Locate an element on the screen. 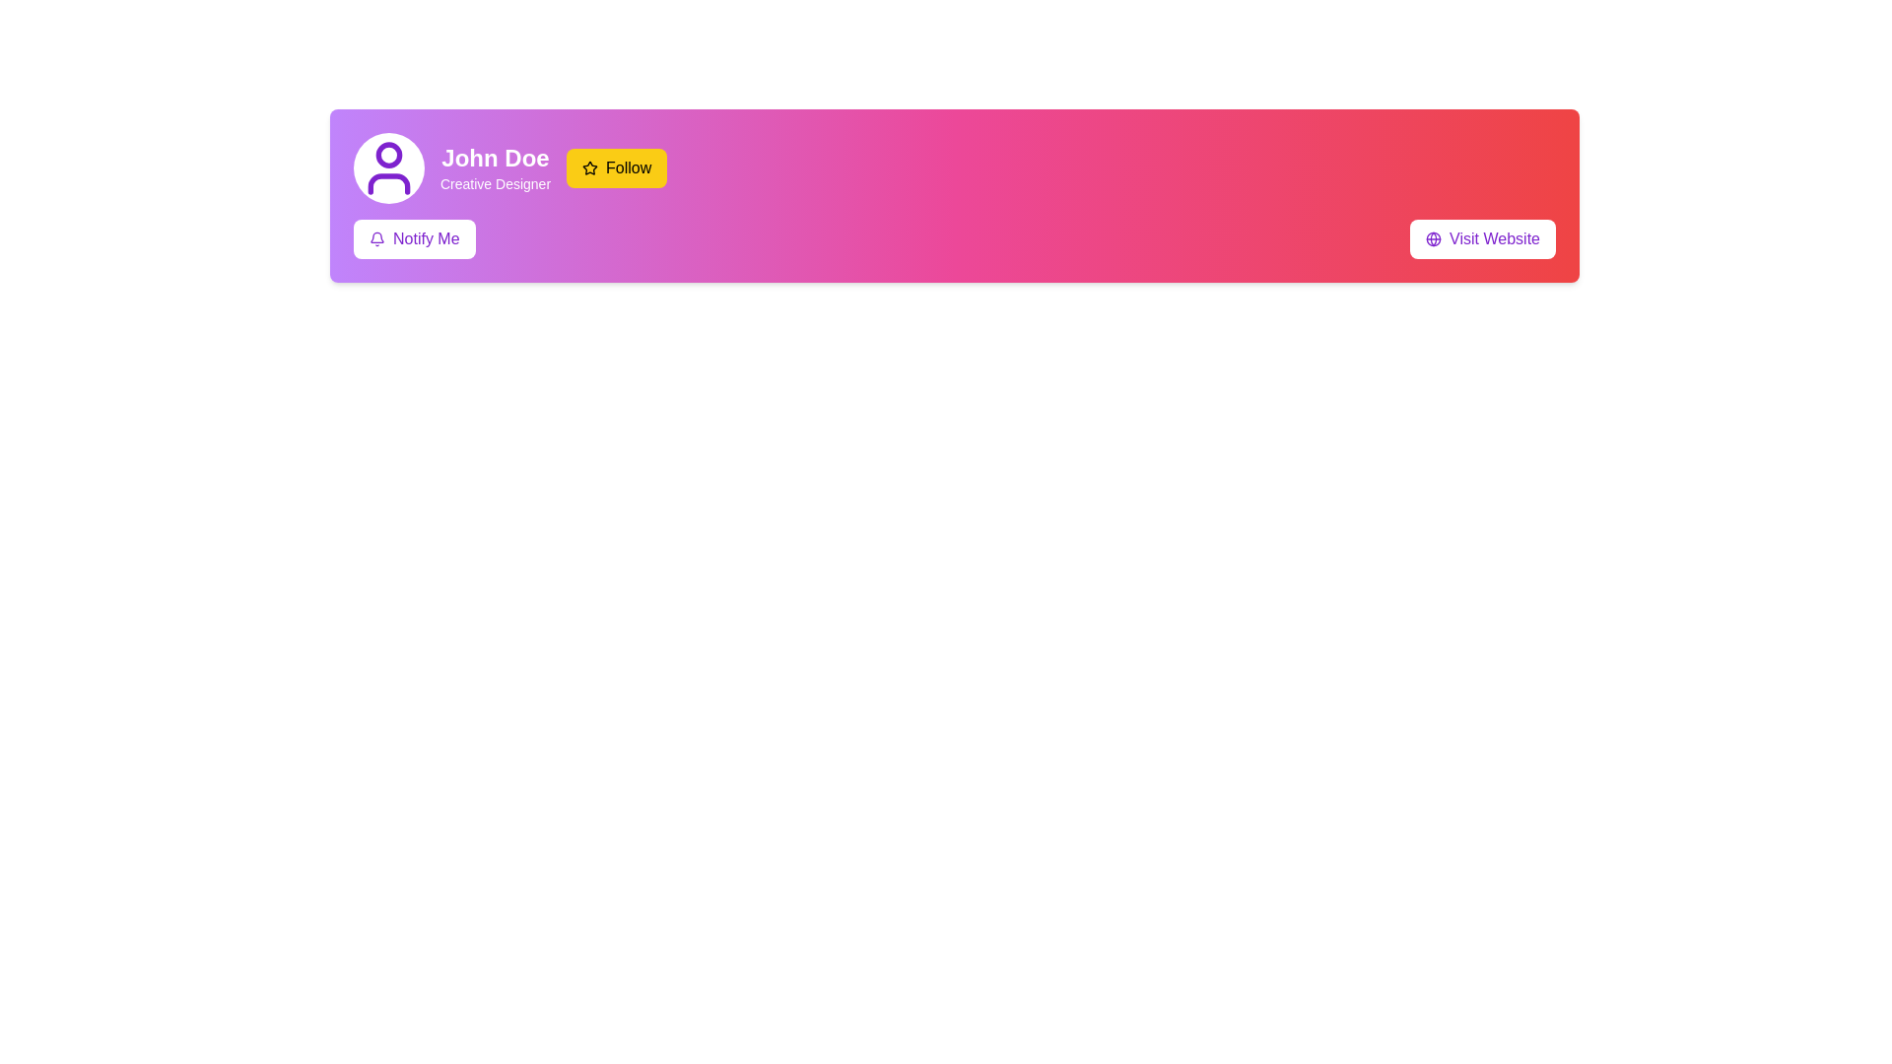 The width and height of the screenshot is (1892, 1064). the circular centerpiece of the SVG user icon, located in the purple gradient rectangle header on the left side of the interface is located at coordinates (388, 154).